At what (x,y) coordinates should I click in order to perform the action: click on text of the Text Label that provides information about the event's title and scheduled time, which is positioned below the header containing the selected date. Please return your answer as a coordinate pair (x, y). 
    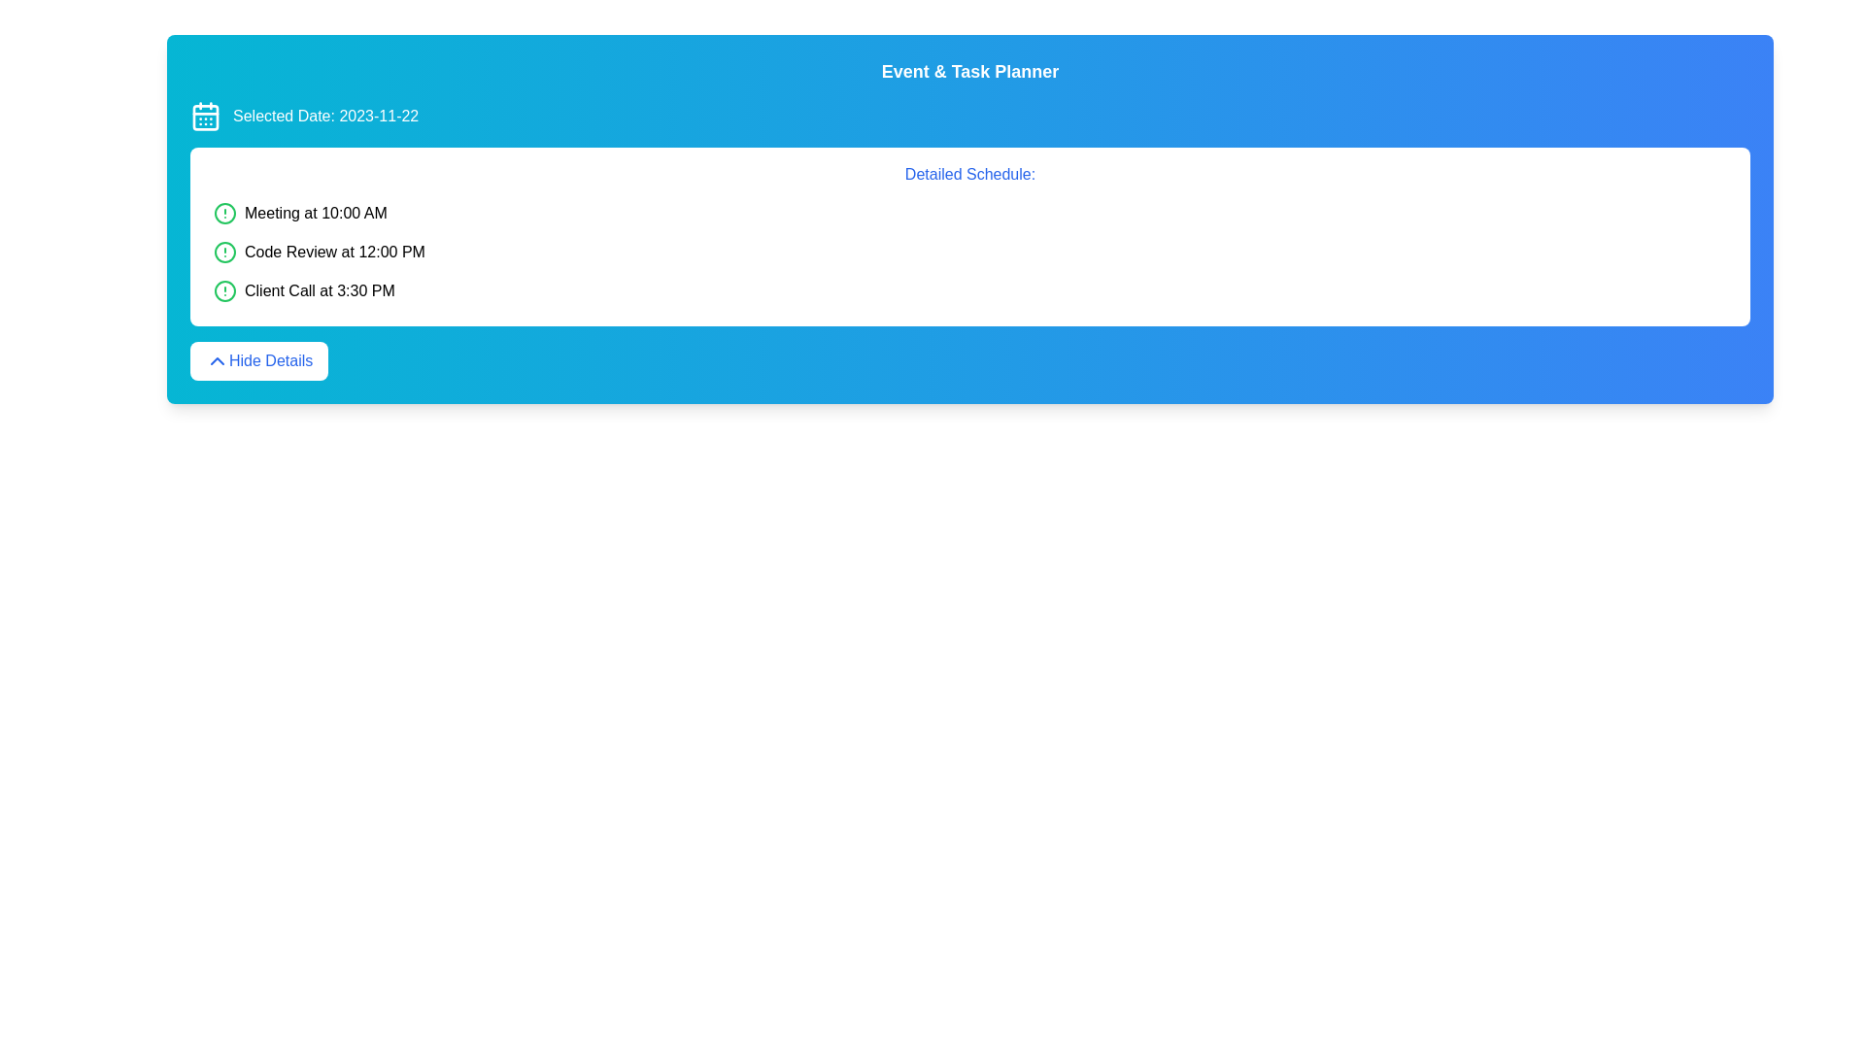
    Looking at the image, I should click on (316, 213).